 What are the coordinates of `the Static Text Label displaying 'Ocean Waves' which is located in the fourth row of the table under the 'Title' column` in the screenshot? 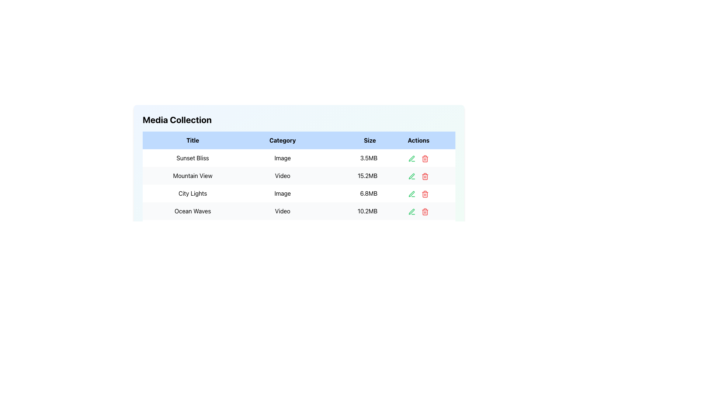 It's located at (192, 211).